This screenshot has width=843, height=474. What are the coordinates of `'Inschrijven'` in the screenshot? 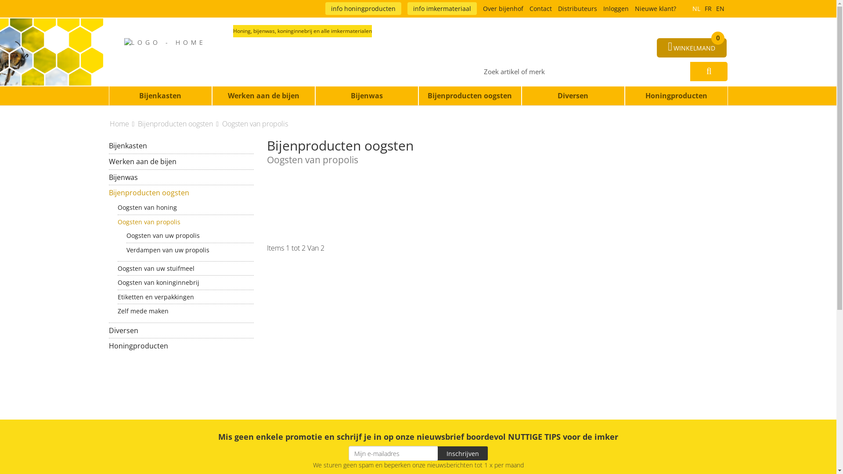 It's located at (462, 453).